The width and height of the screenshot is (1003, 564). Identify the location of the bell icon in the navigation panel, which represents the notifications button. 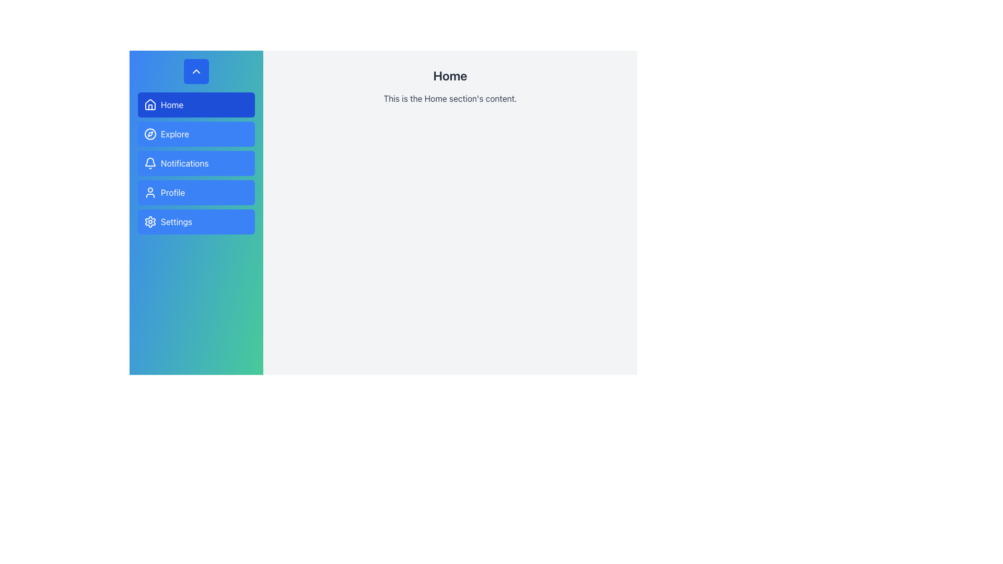
(150, 162).